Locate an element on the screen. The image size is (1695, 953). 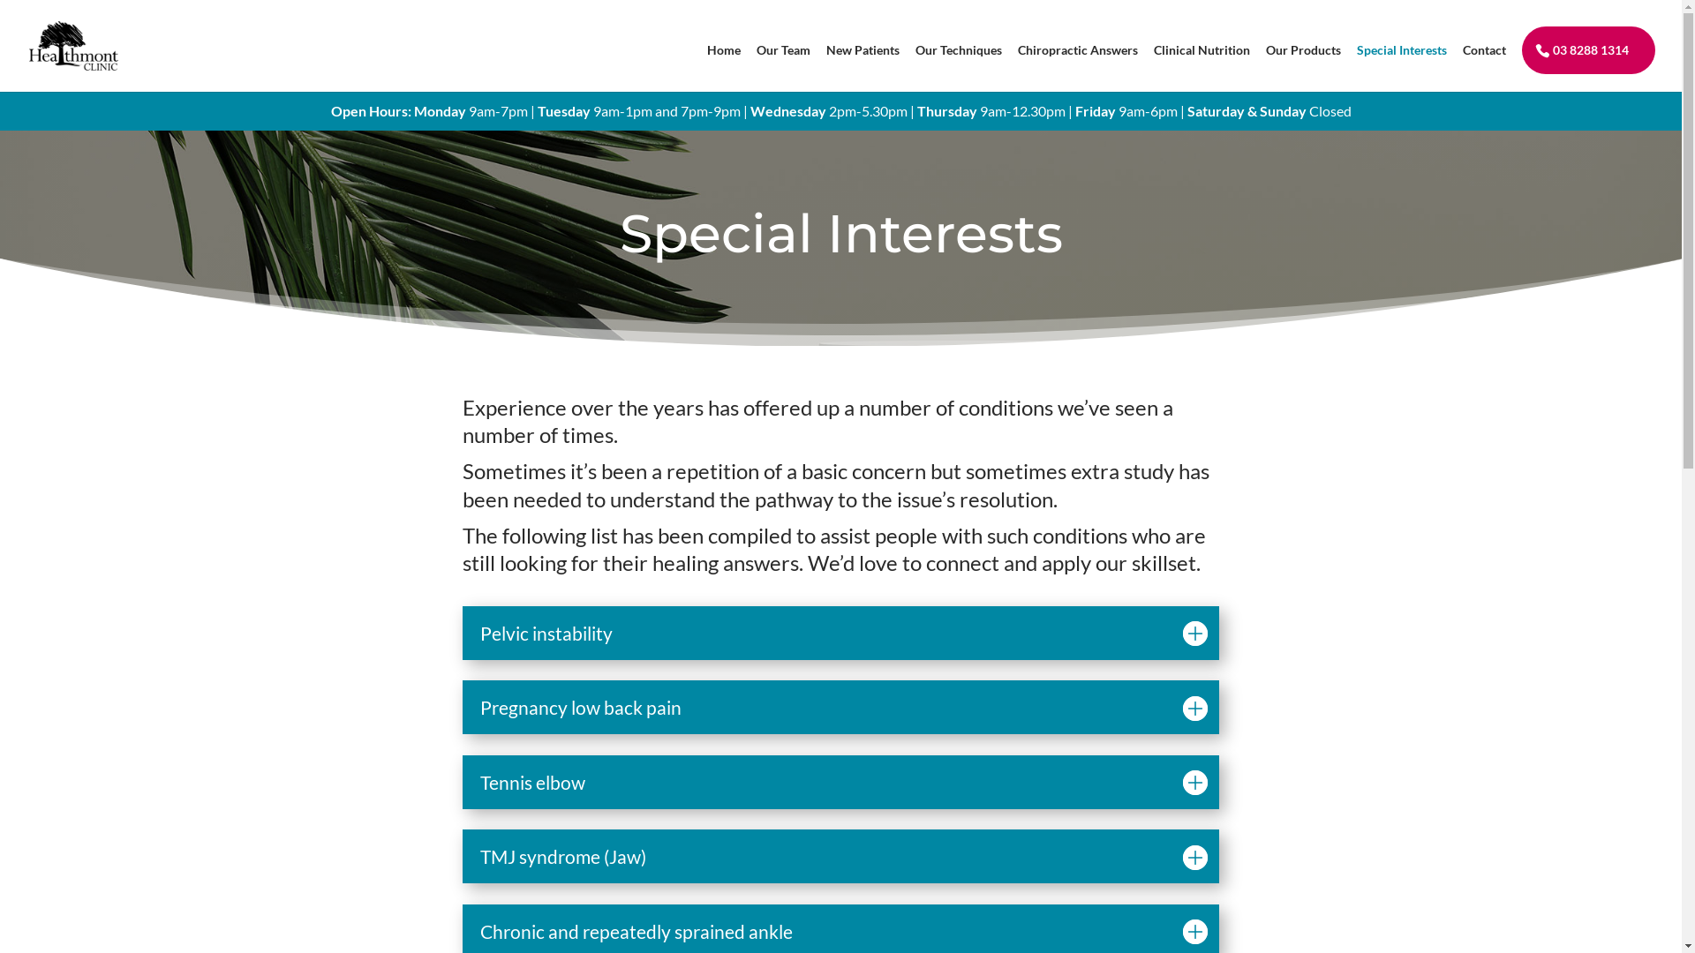
'03 8288 1314' is located at coordinates (1581, 49).